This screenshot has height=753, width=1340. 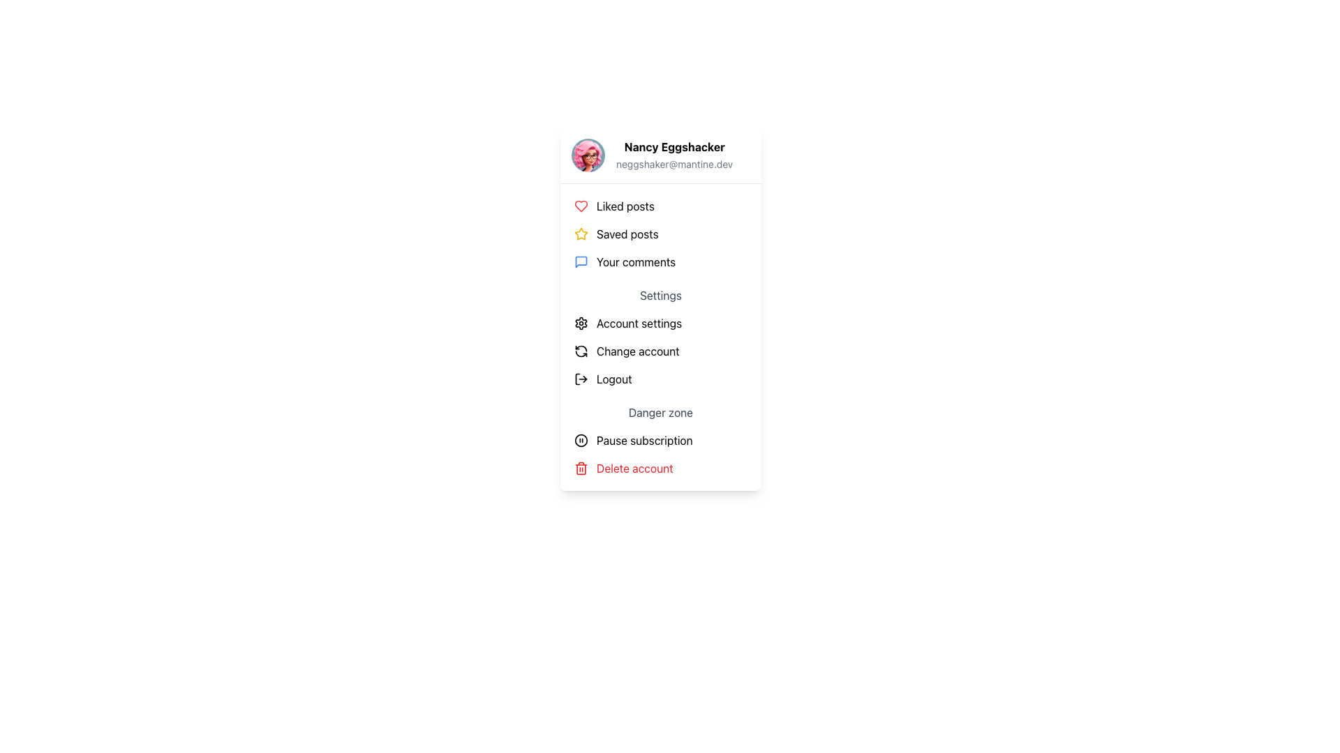 I want to click on the static text element displaying the user's email address beneath 'Nancy Eggshacker' in the user profile menu, so click(x=674, y=163).